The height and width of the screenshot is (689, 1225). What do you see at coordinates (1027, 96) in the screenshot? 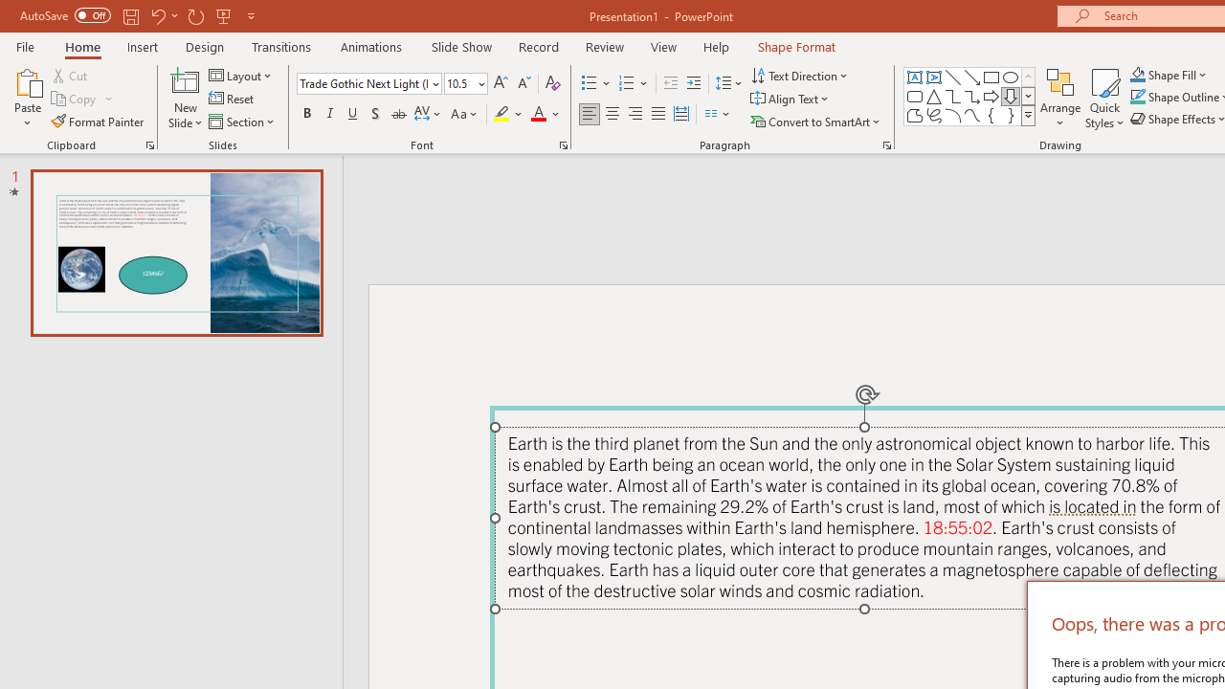
I see `'Row Down'` at bounding box center [1027, 96].